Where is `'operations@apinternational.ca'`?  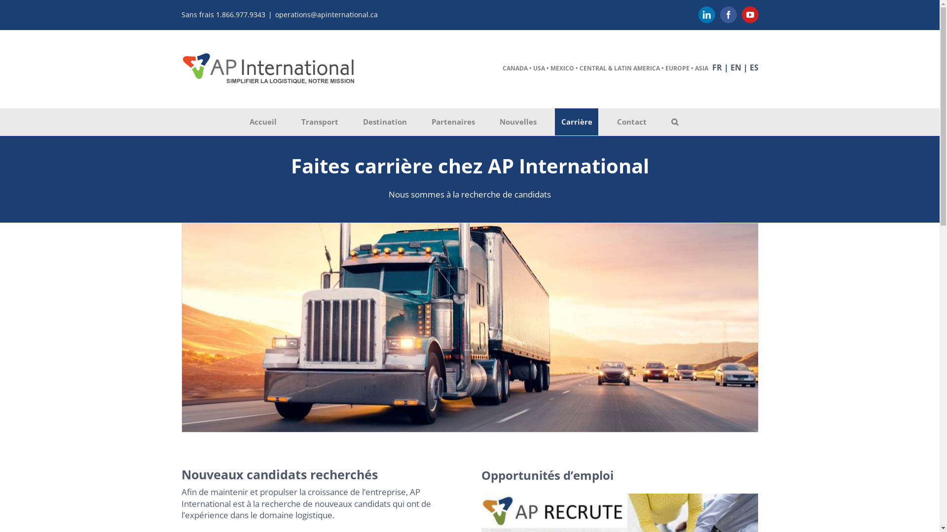 'operations@apinternational.ca' is located at coordinates (275, 14).